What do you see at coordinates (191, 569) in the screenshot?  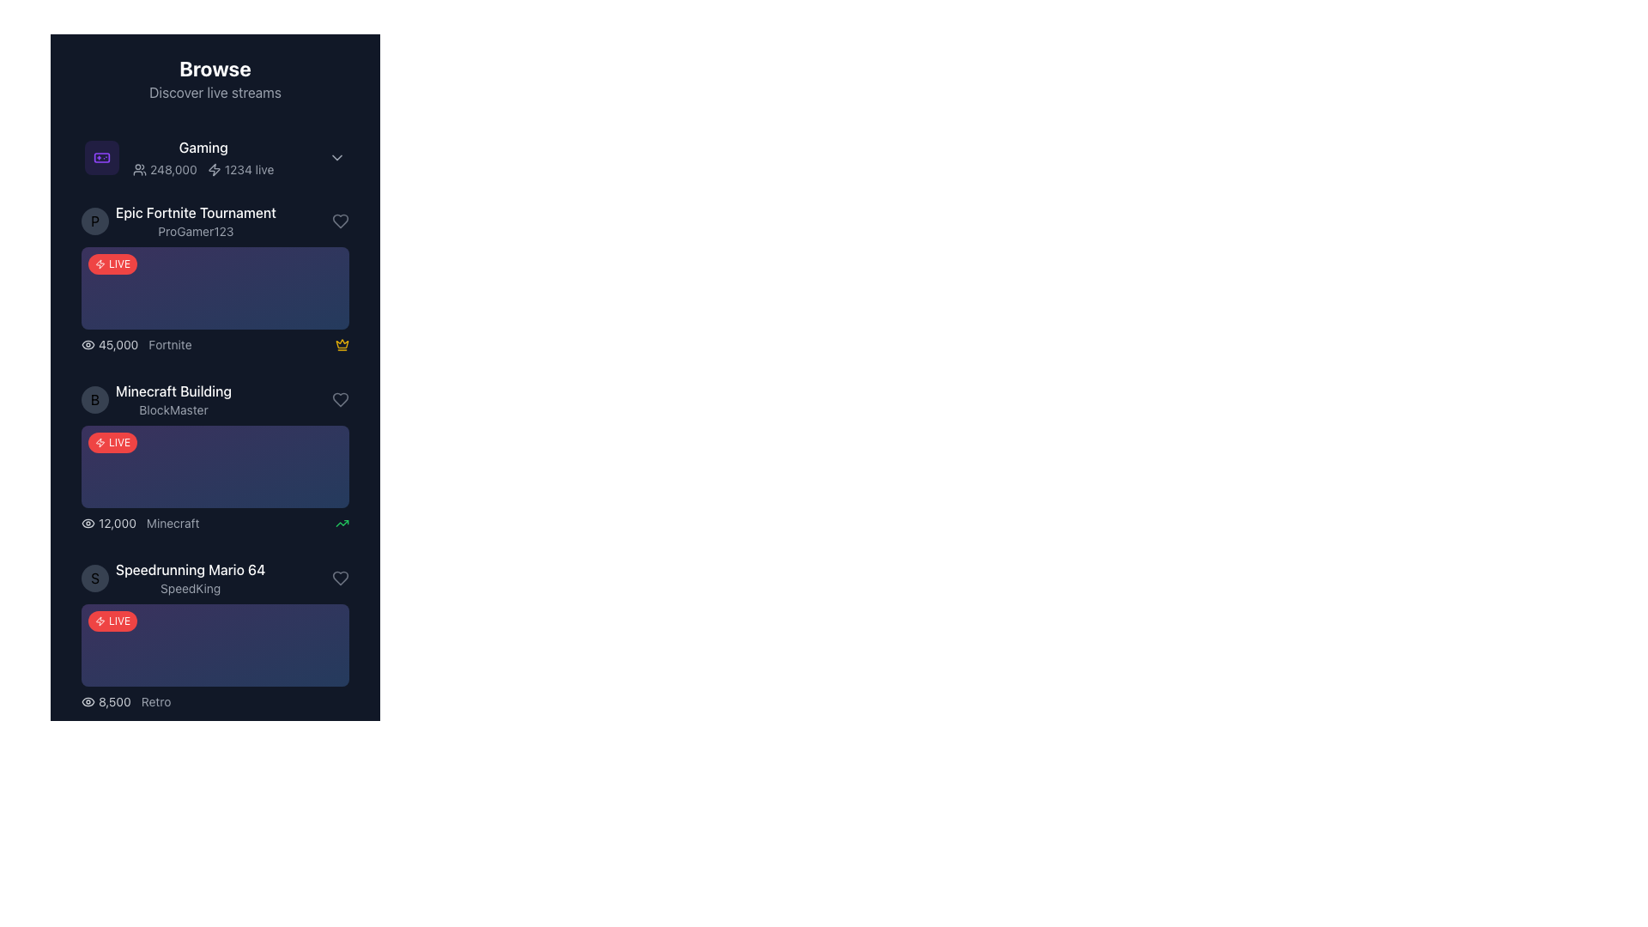 I see `the text label displaying the title 'Speedrunning Mario 64' which is positioned above the streamer 'SpeedKing'` at bounding box center [191, 569].